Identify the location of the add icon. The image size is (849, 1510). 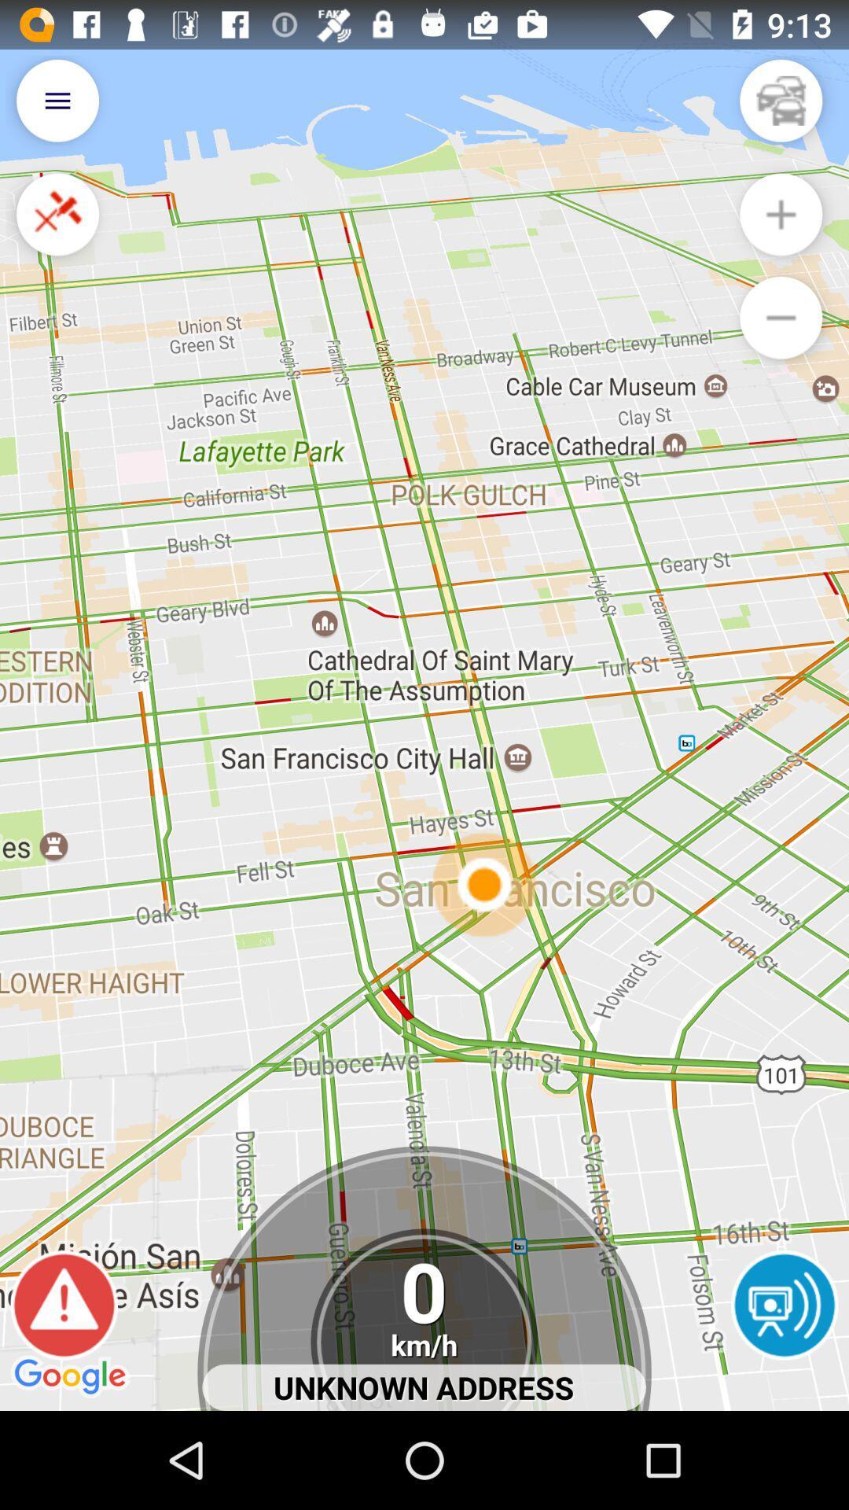
(781, 229).